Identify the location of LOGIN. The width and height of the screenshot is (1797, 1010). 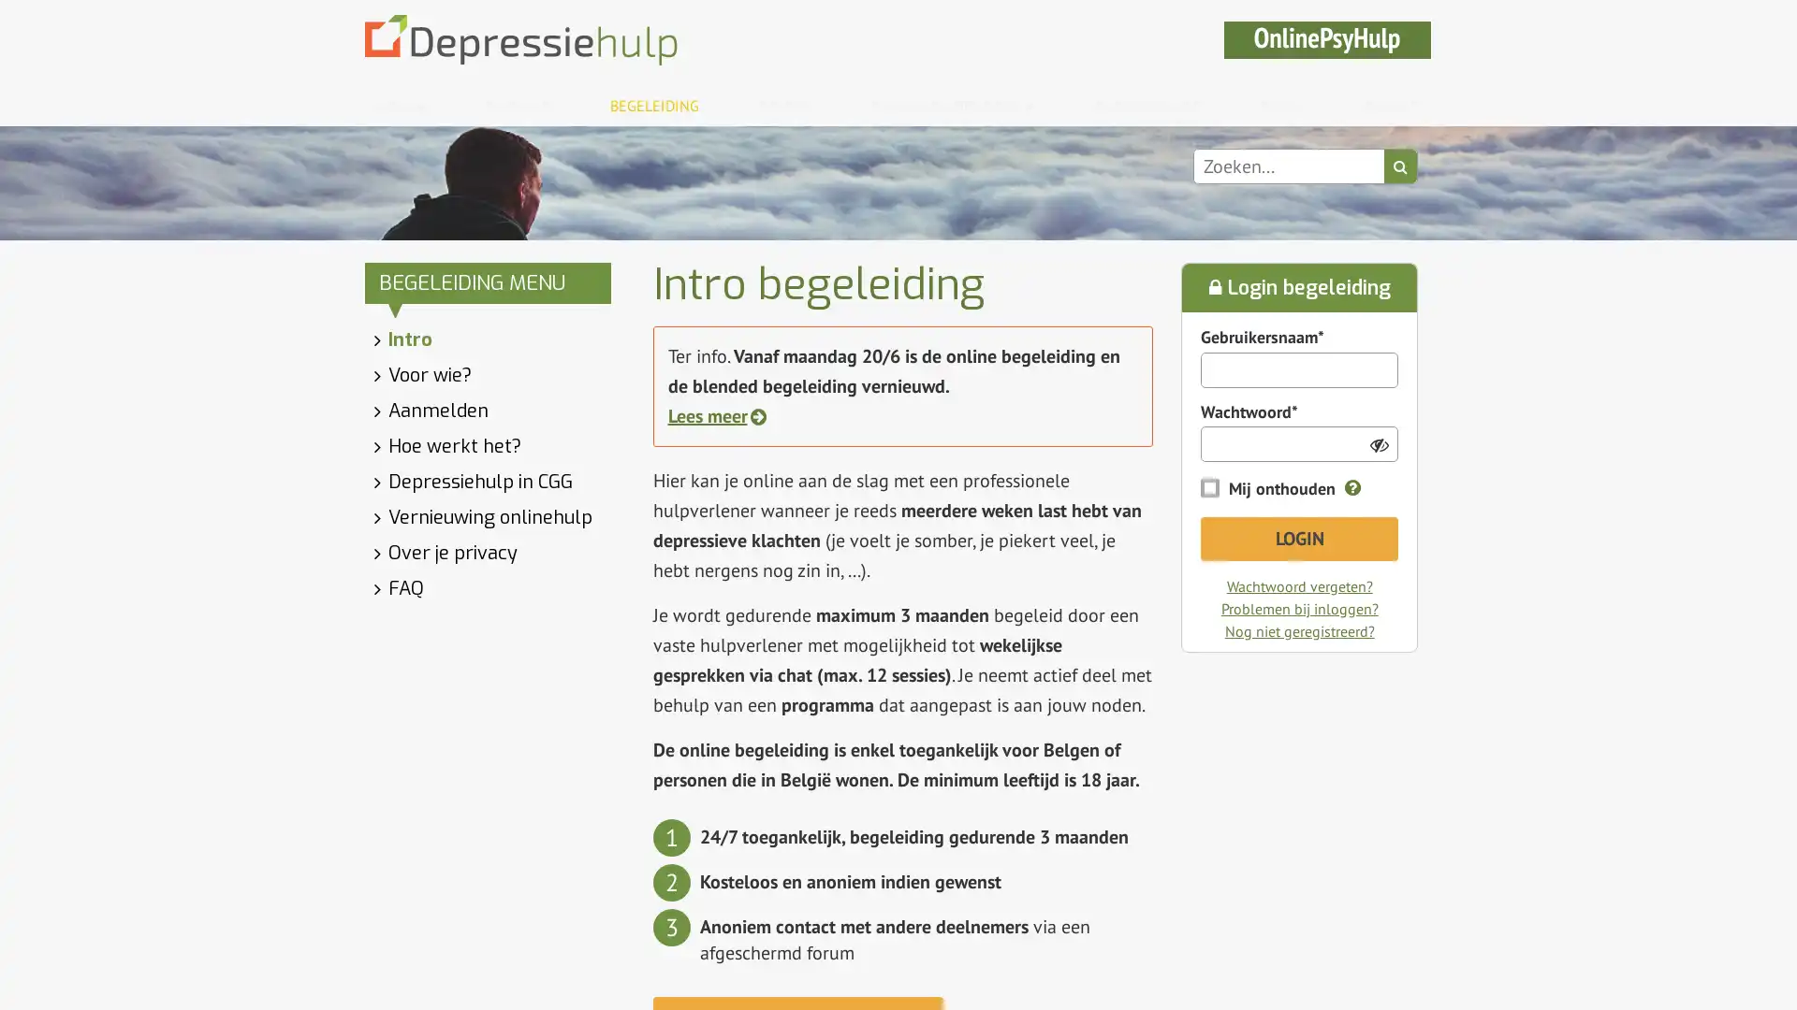
(1297, 539).